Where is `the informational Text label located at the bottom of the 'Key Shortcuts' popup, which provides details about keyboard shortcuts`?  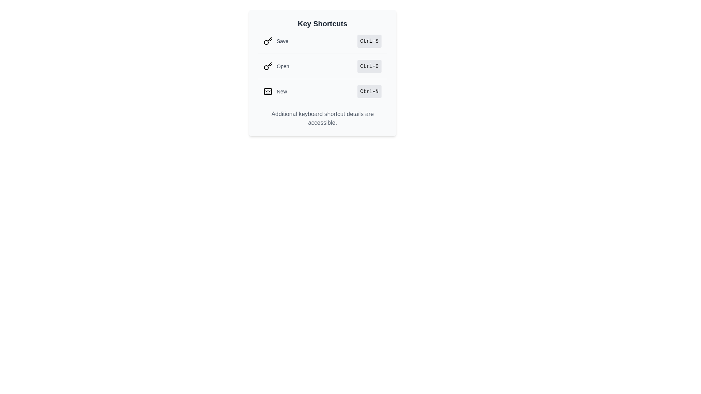 the informational Text label located at the bottom of the 'Key Shortcuts' popup, which provides details about keyboard shortcuts is located at coordinates (322, 118).